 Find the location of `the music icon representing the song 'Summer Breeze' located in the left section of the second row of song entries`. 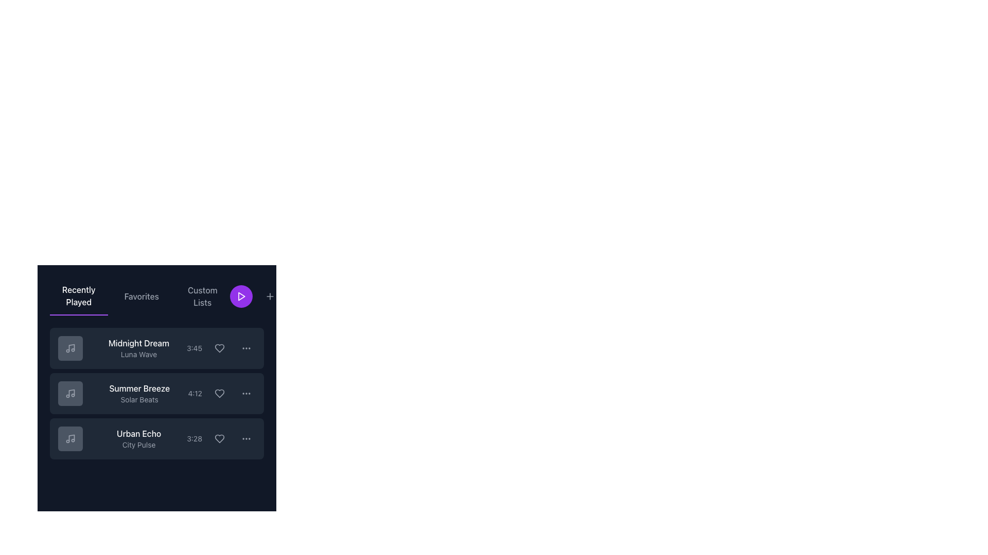

the music icon representing the song 'Summer Breeze' located in the left section of the second row of song entries is located at coordinates (70, 393).